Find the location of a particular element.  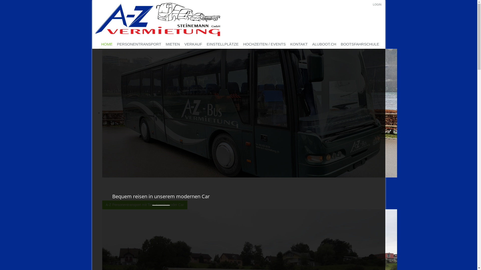

'HOME' is located at coordinates (99, 44).